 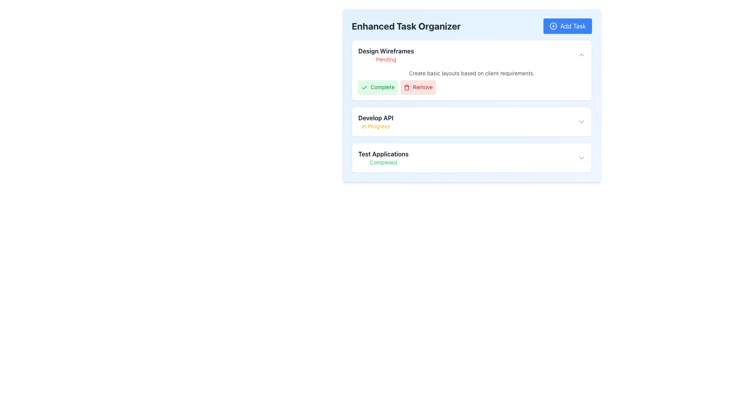 I want to click on the Task card component titled 'Develop API' with status 'In Progress', which is the second item in a vertical list of tasks, so click(x=471, y=121).